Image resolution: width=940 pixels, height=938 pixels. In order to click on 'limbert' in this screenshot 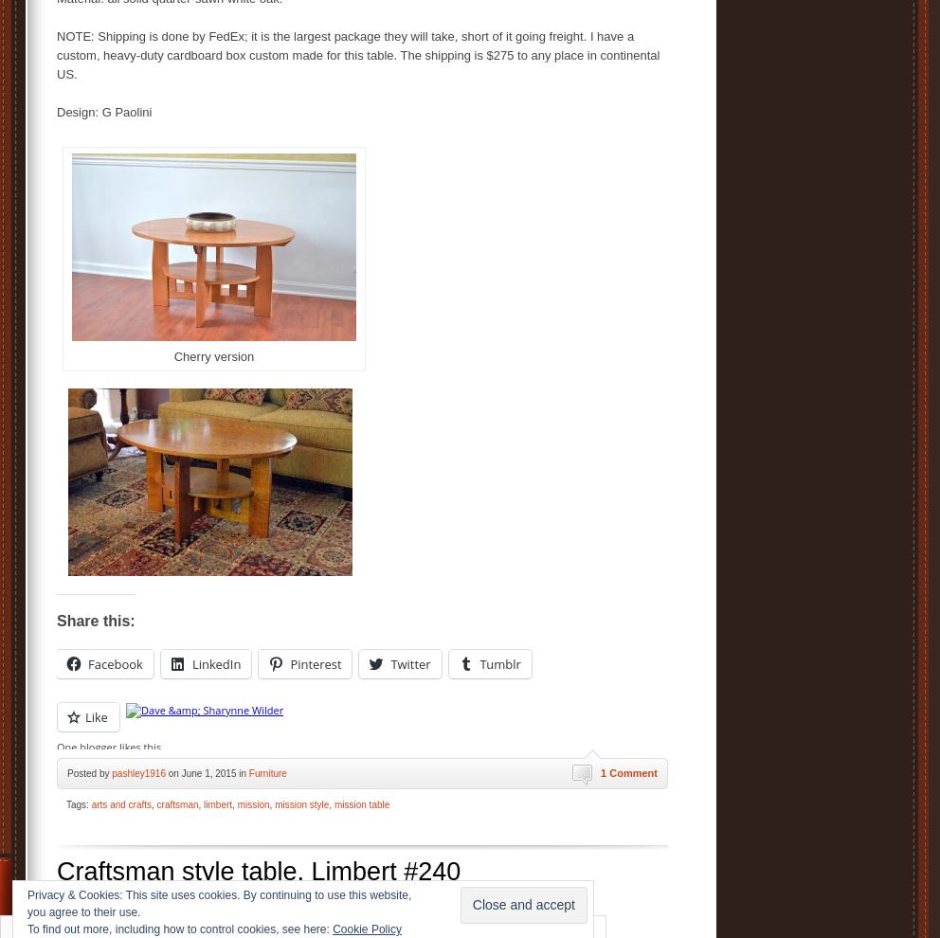, I will do `click(218, 803)`.